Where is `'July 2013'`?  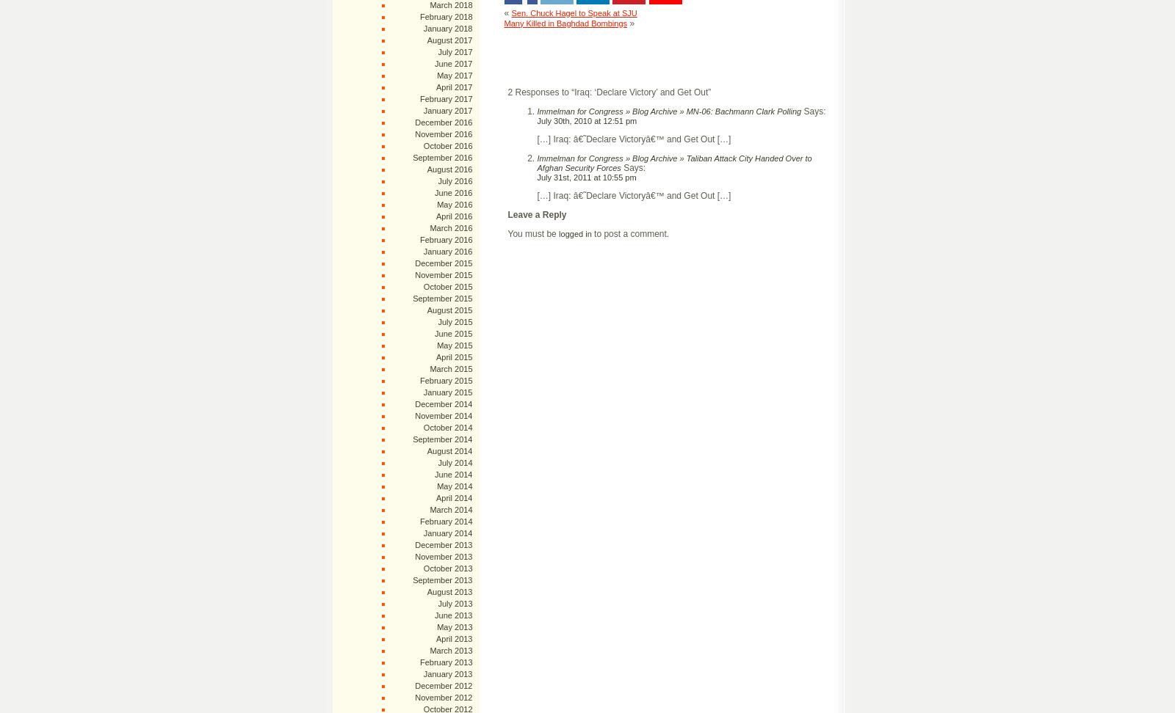
'July 2013' is located at coordinates (455, 602).